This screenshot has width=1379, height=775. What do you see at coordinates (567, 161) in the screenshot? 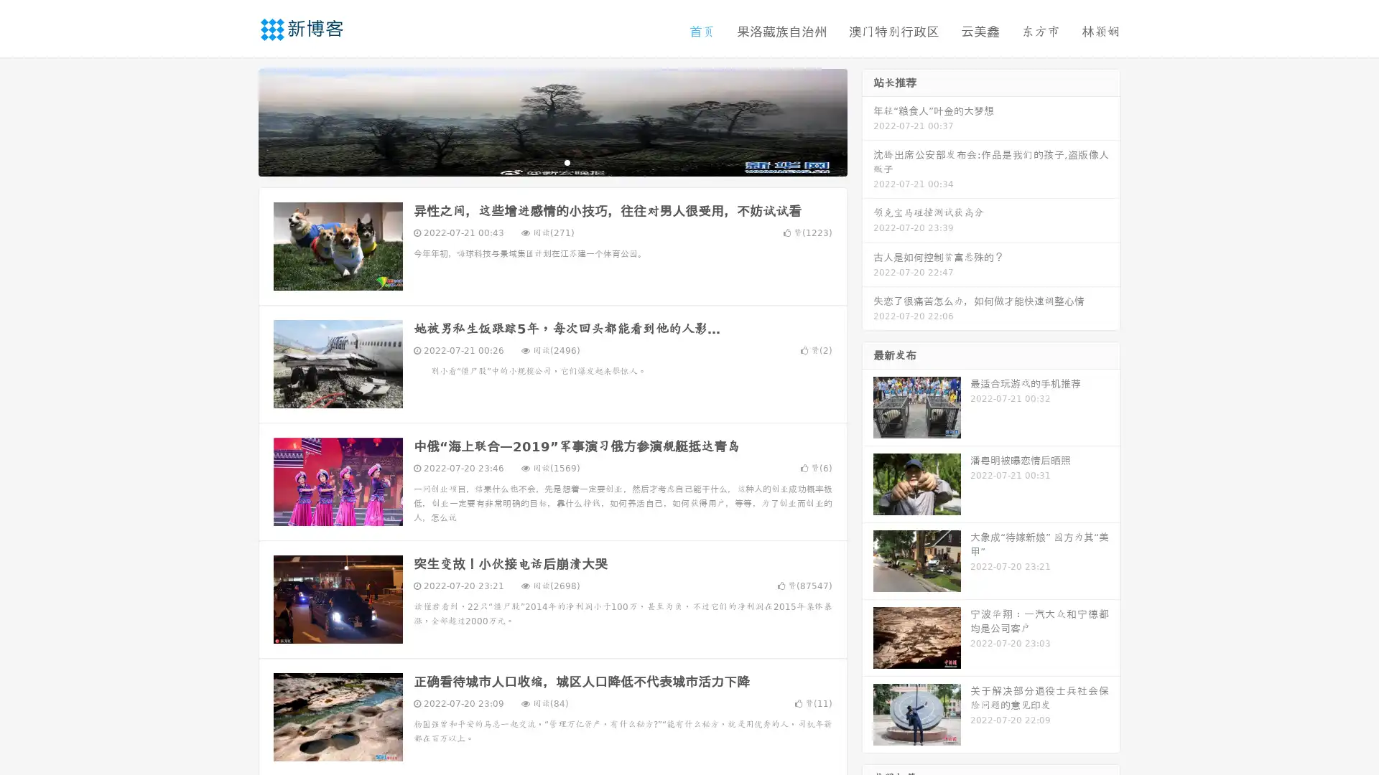
I see `Go to slide 3` at bounding box center [567, 161].